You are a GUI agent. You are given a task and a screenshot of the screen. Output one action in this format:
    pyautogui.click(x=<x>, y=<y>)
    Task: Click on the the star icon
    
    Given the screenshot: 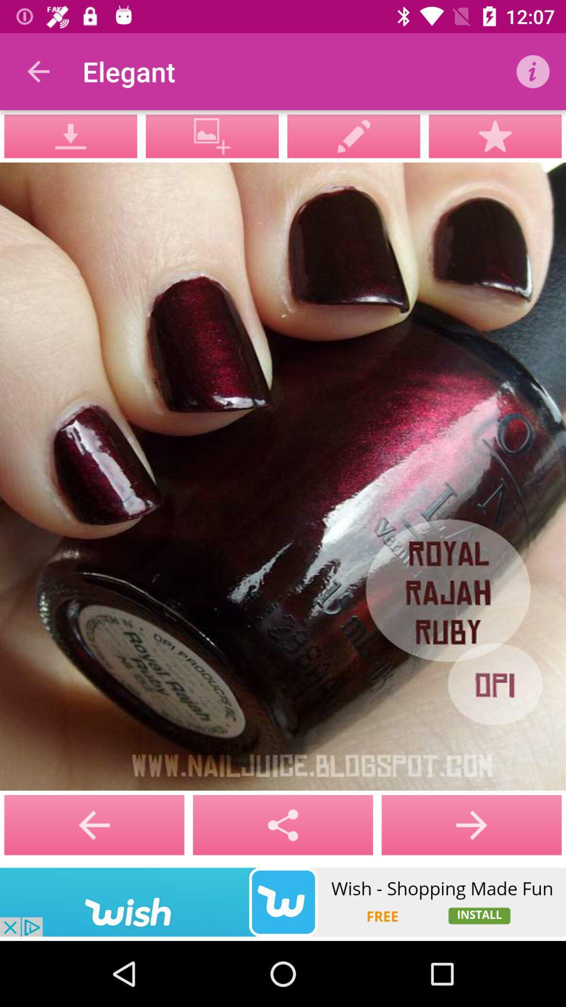 What is the action you would take?
    pyautogui.click(x=495, y=135)
    